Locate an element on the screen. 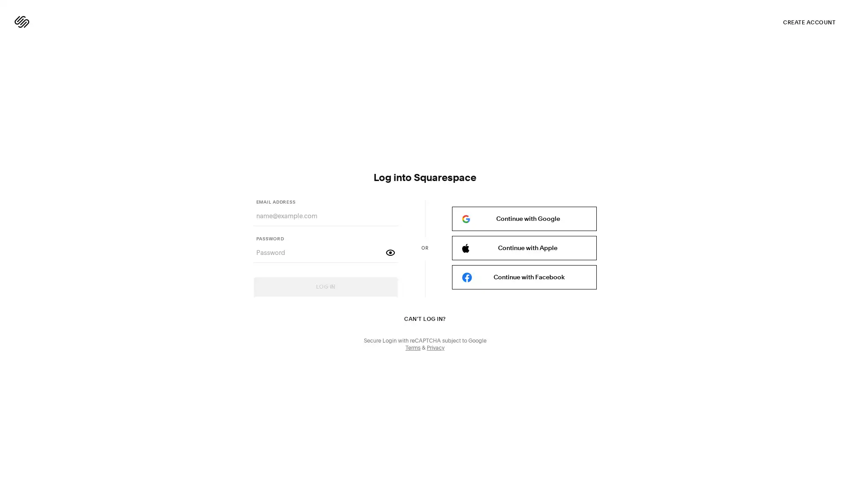  LOG IN is located at coordinates (325, 287).